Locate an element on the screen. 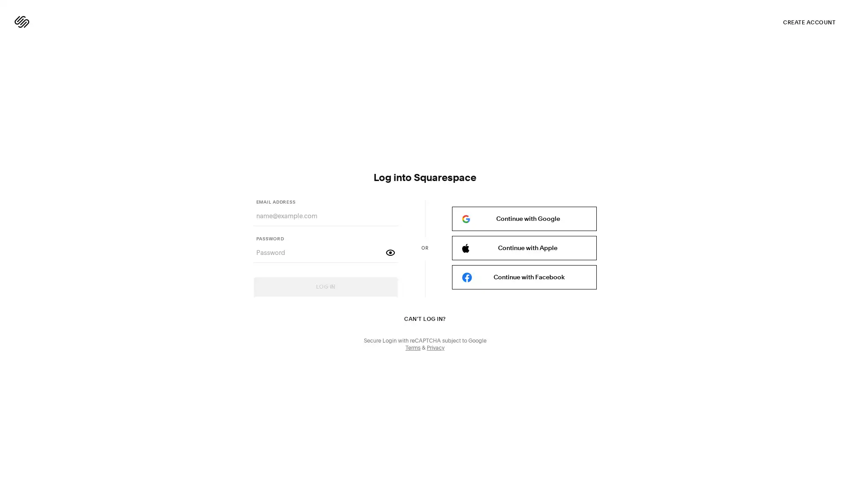  LOG IN is located at coordinates (325, 287).